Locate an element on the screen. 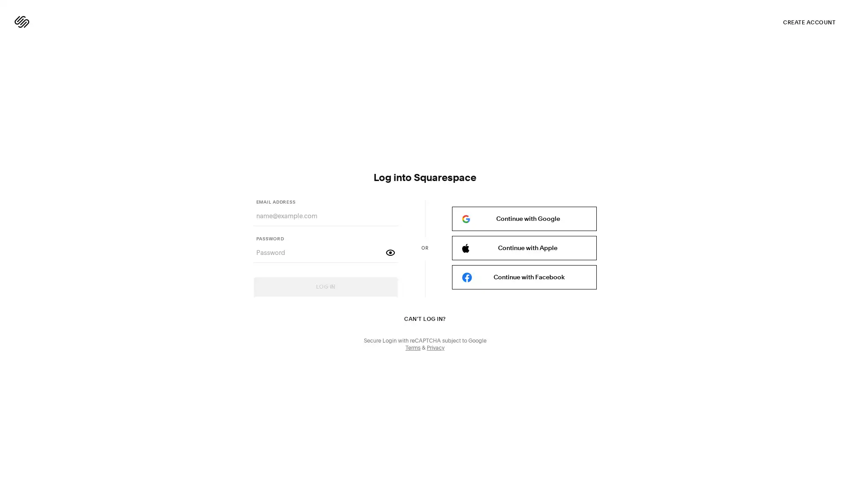  LOG IN is located at coordinates (325, 287).